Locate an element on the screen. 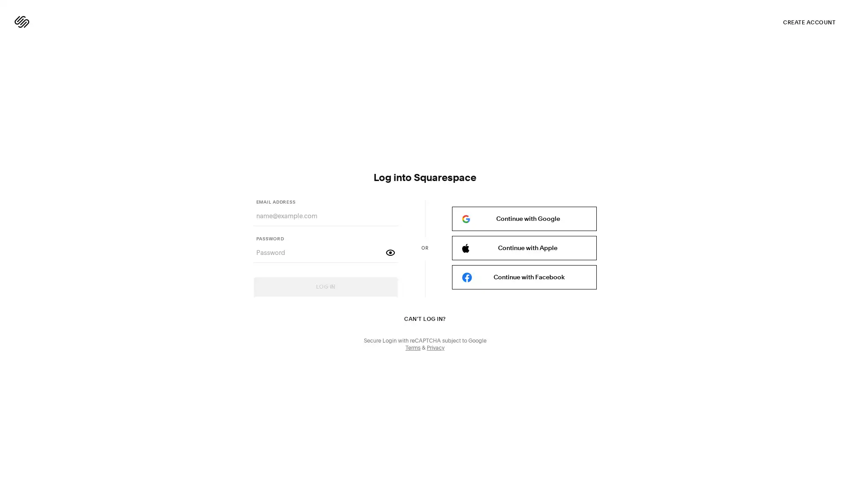  LOG IN is located at coordinates (325, 287).